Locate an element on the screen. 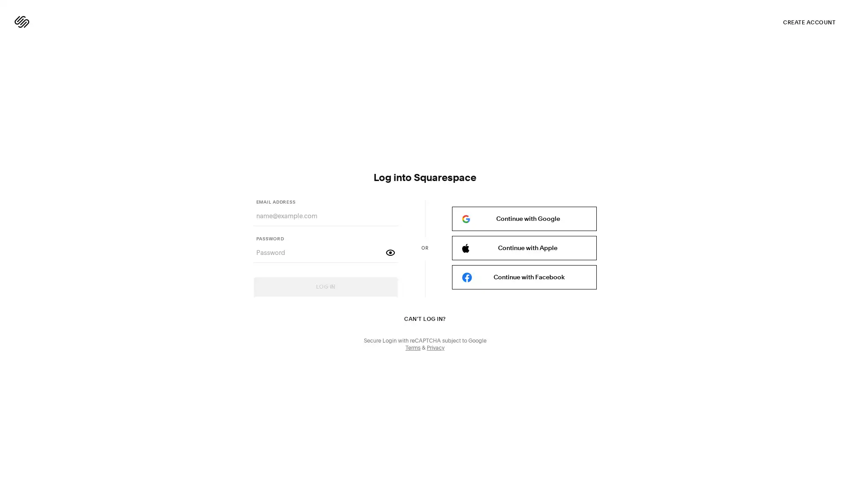  LOG IN is located at coordinates (325, 287).